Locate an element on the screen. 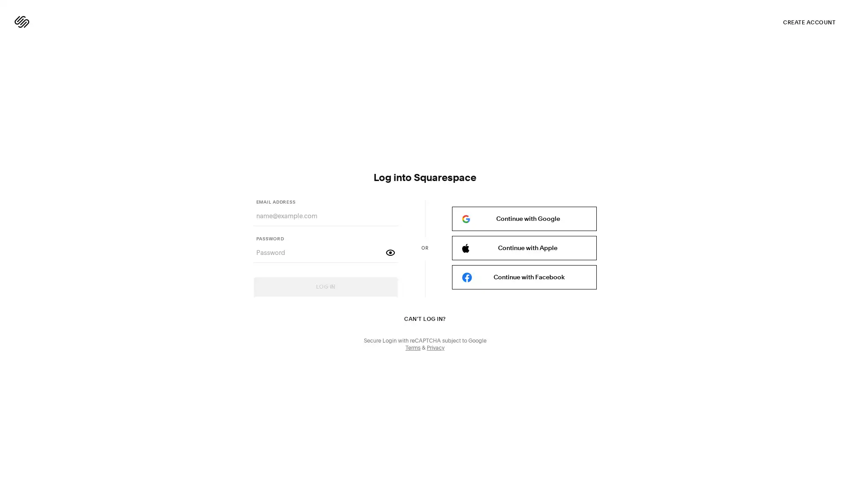  LOG IN is located at coordinates (325, 287).